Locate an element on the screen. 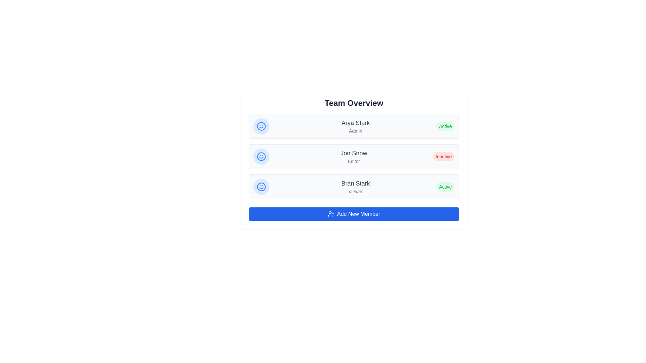  the Avatar icon representing the team member 'Bran Stark' located in the third row of the 'Team Overview' section, to the left of the text 'Bran Stark' and 'Viewer' is located at coordinates (261, 187).